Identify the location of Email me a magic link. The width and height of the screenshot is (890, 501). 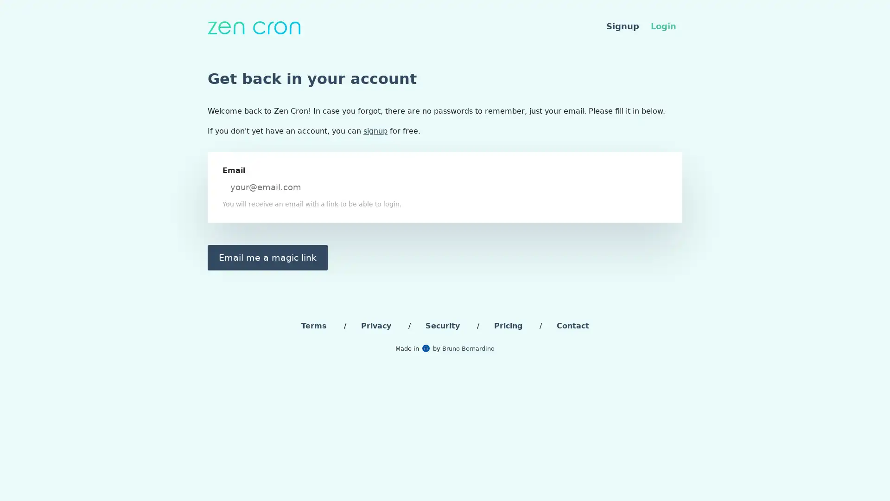
(267, 257).